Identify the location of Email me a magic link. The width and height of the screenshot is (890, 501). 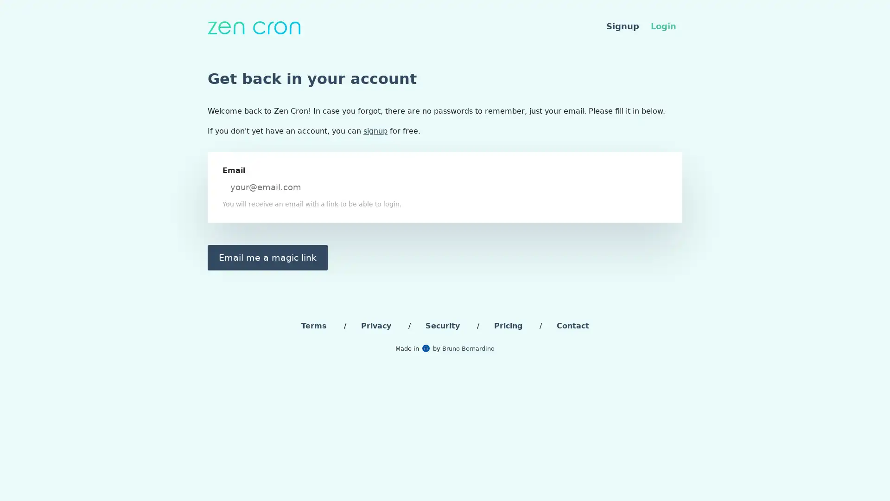
(267, 257).